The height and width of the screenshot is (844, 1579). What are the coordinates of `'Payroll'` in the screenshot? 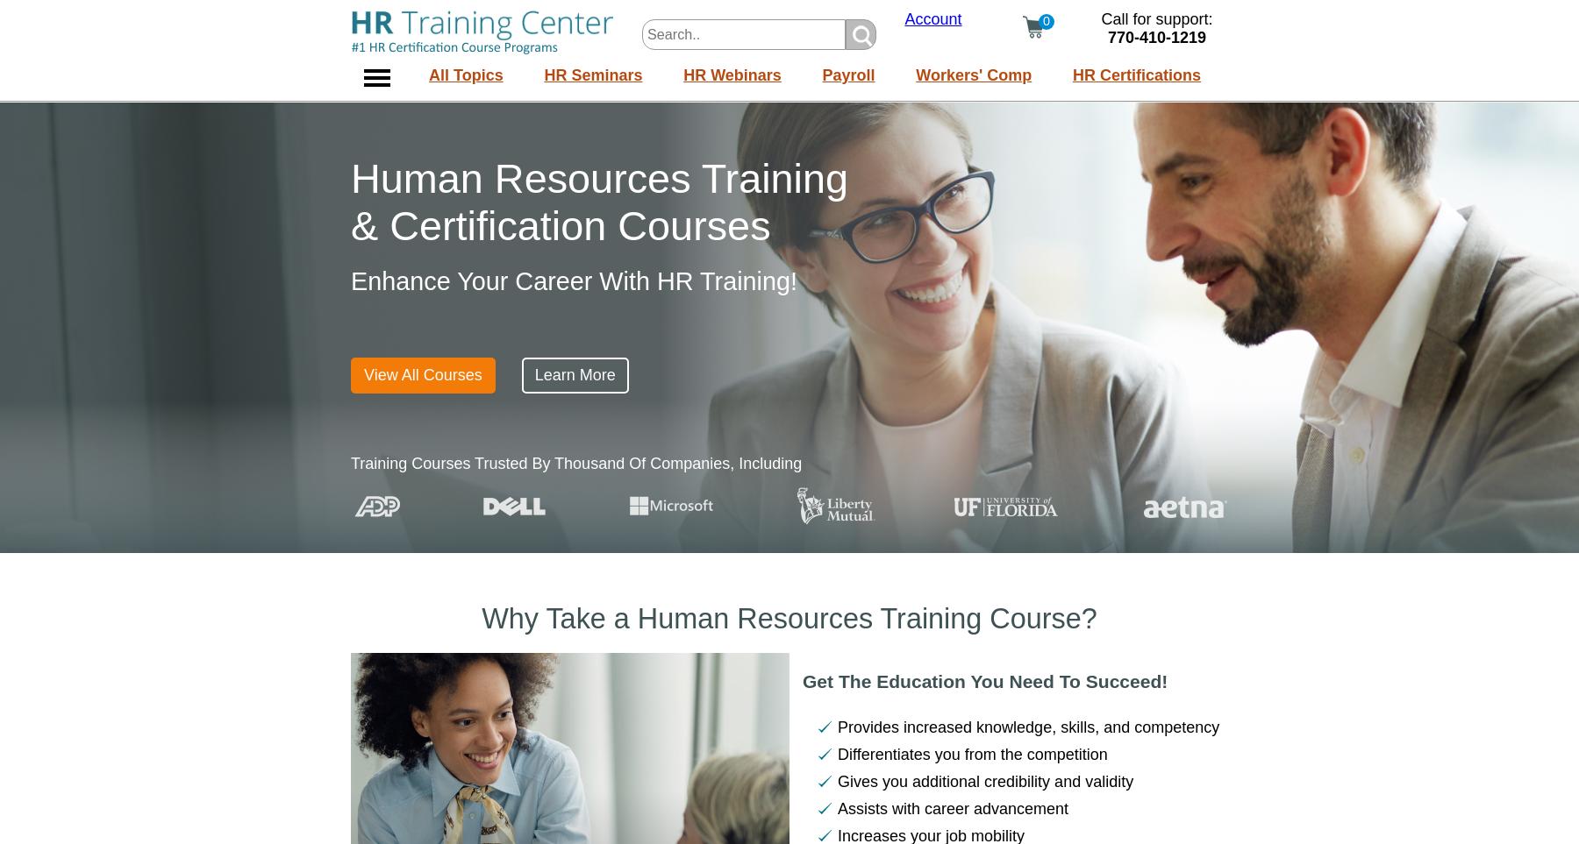 It's located at (847, 74).